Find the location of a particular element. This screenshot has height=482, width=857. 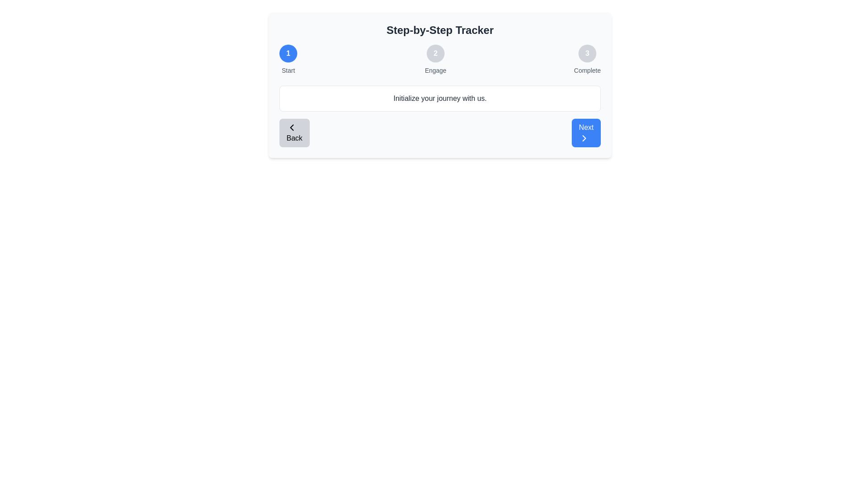

the small text label that displays the word 'Start', which is positioned directly below a blue circular number '1' in a vertical stacking arrangement is located at coordinates (288, 70).